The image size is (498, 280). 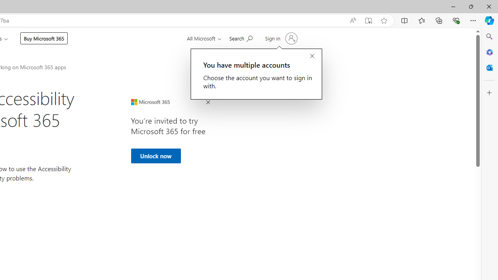 What do you see at coordinates (421, 20) in the screenshot?
I see `'Favorites'` at bounding box center [421, 20].